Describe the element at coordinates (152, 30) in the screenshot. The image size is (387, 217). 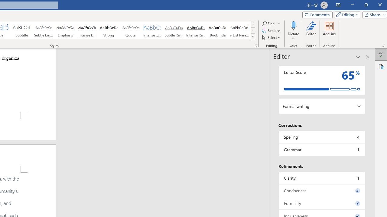
I see `'Intense Quote'` at that location.